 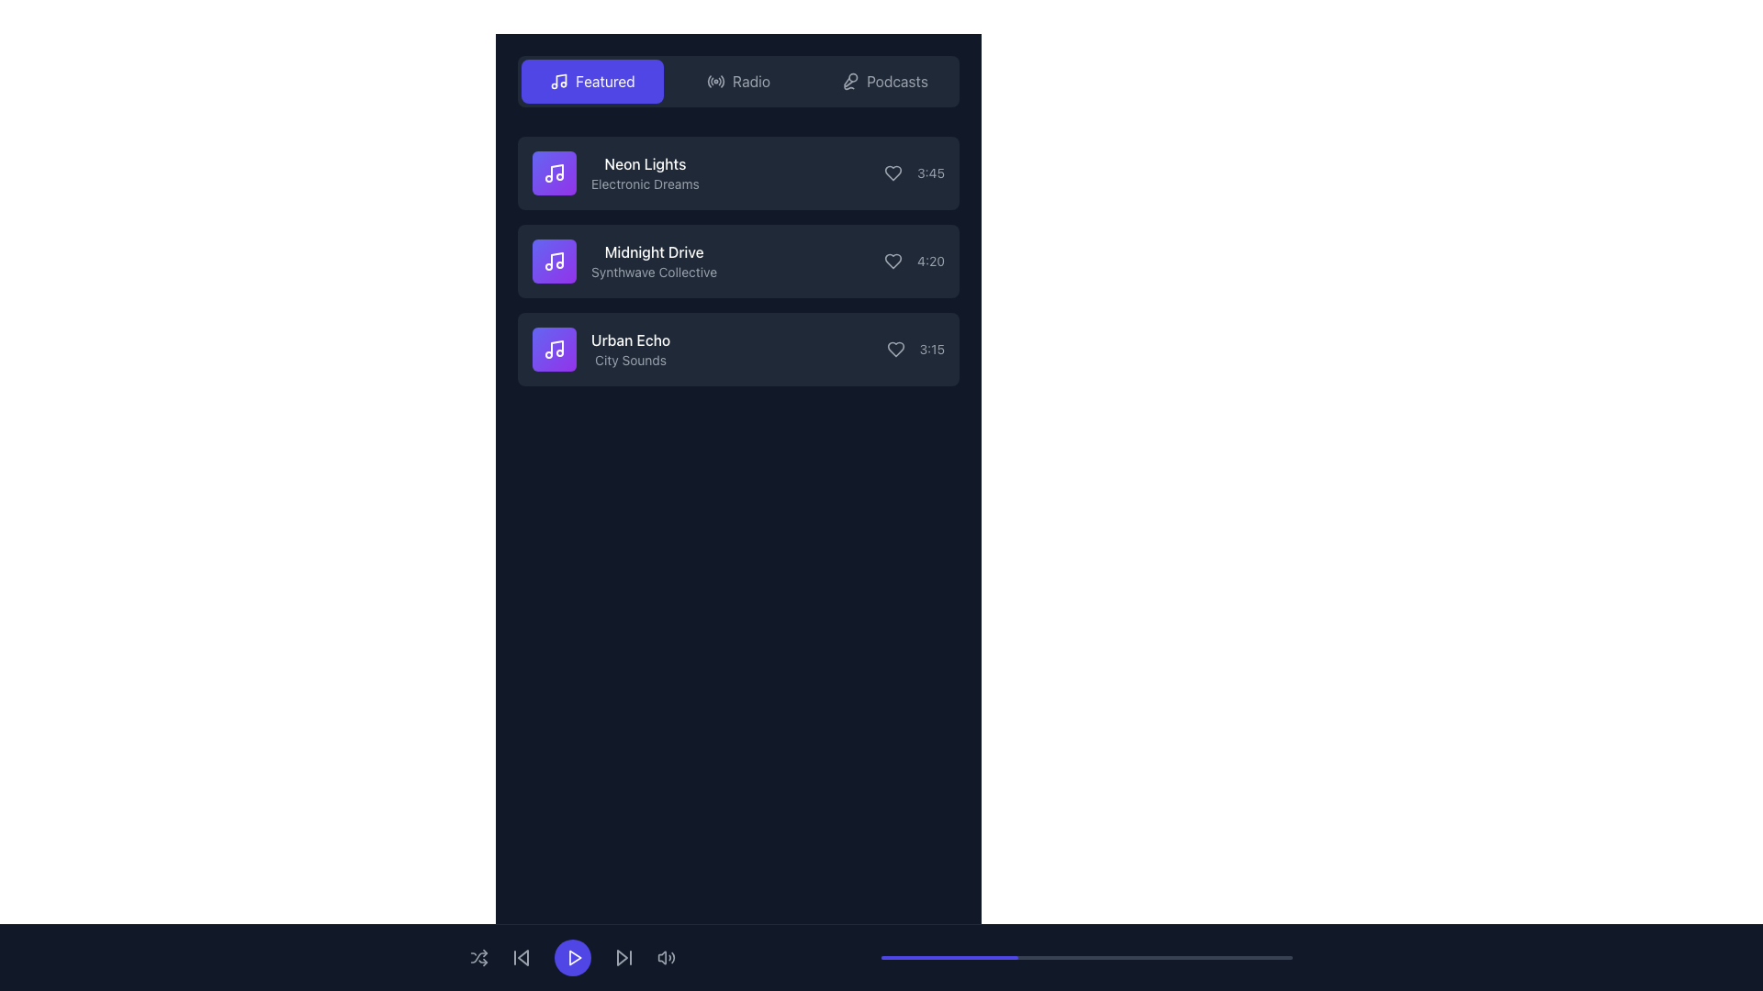 I want to click on the circular button with a dark blue background and a white play icon in the center, located in the bottom navigation bar to play media, so click(x=572, y=957).